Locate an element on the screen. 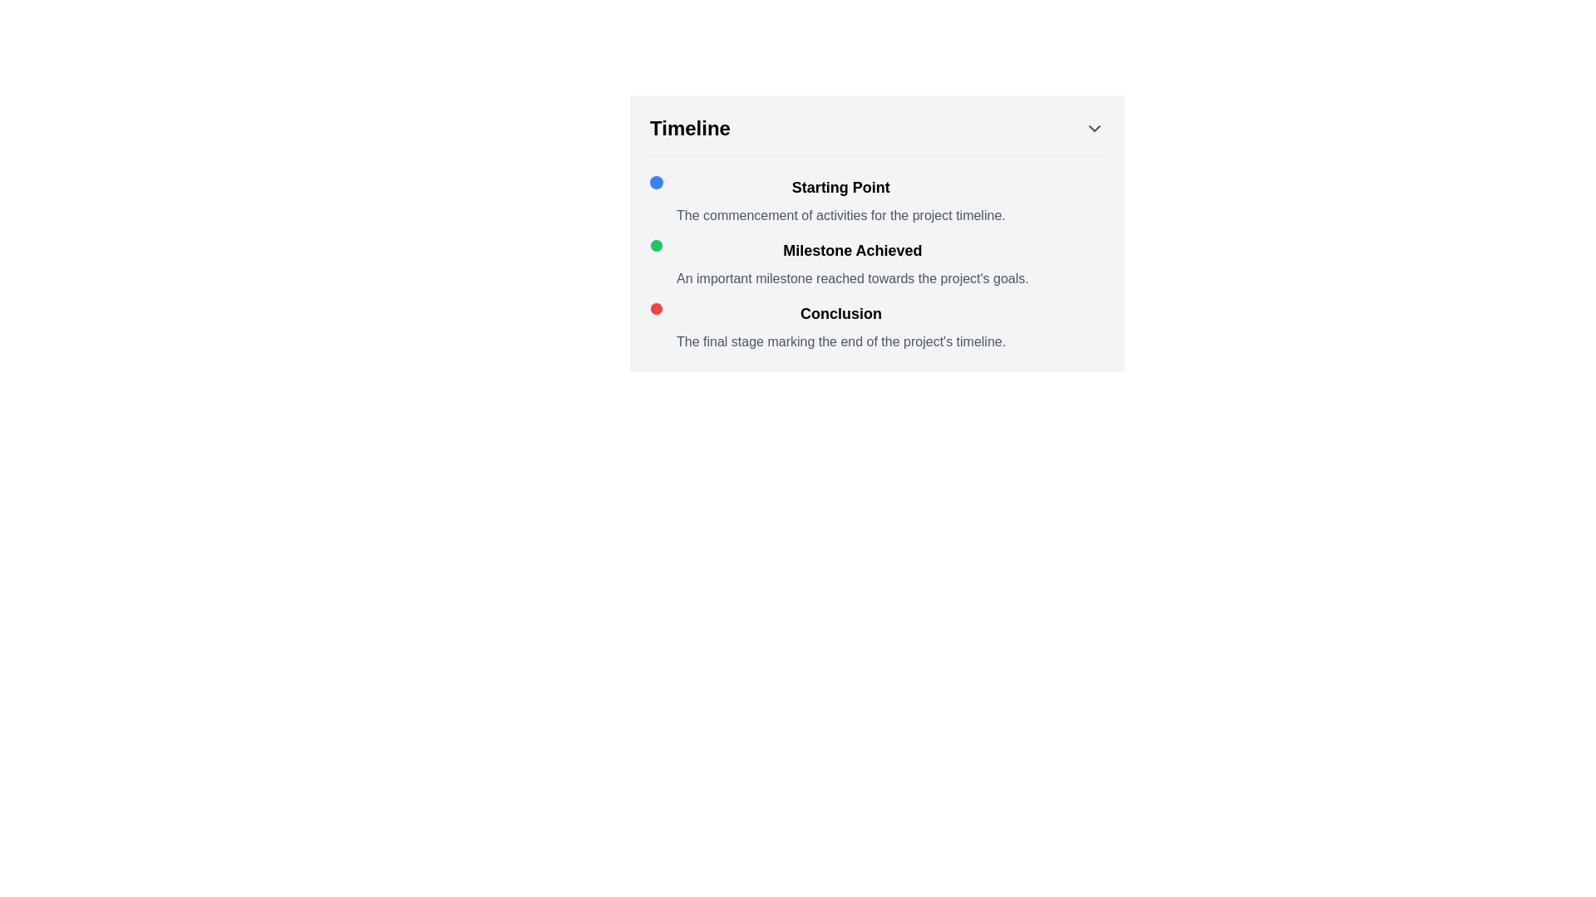 The width and height of the screenshot is (1596, 897). the 'Milestone Achieved' list item in the timeline component is located at coordinates (876, 262).